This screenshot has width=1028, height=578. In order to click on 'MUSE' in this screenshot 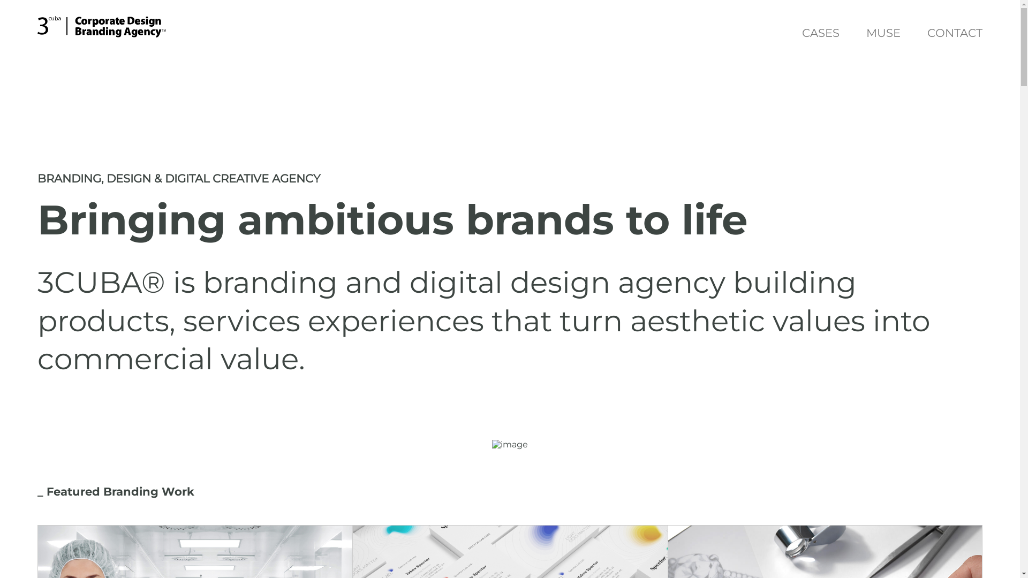, I will do `click(883, 34)`.